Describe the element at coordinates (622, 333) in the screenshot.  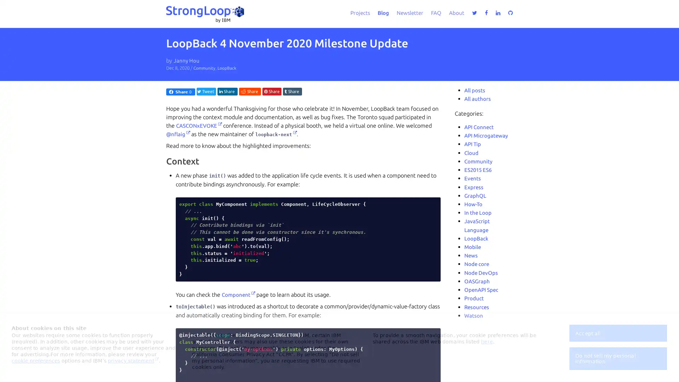
I see `Accept all` at that location.